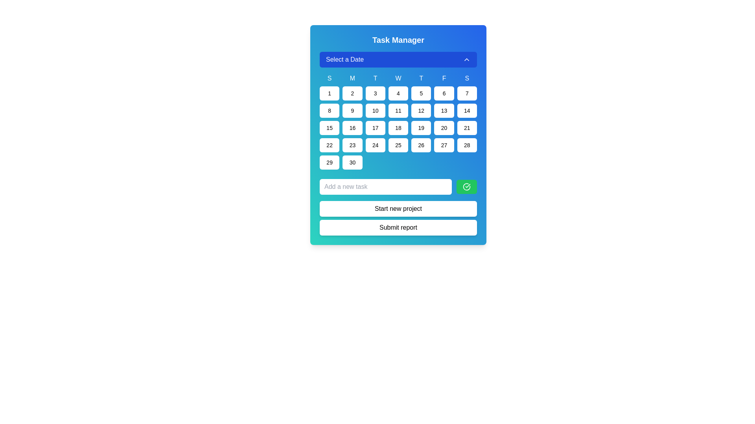 This screenshot has width=755, height=424. Describe the element at coordinates (352, 110) in the screenshot. I see `the button labeled '9' in the Task Manager section, located in the third row and second column of the grid` at that location.